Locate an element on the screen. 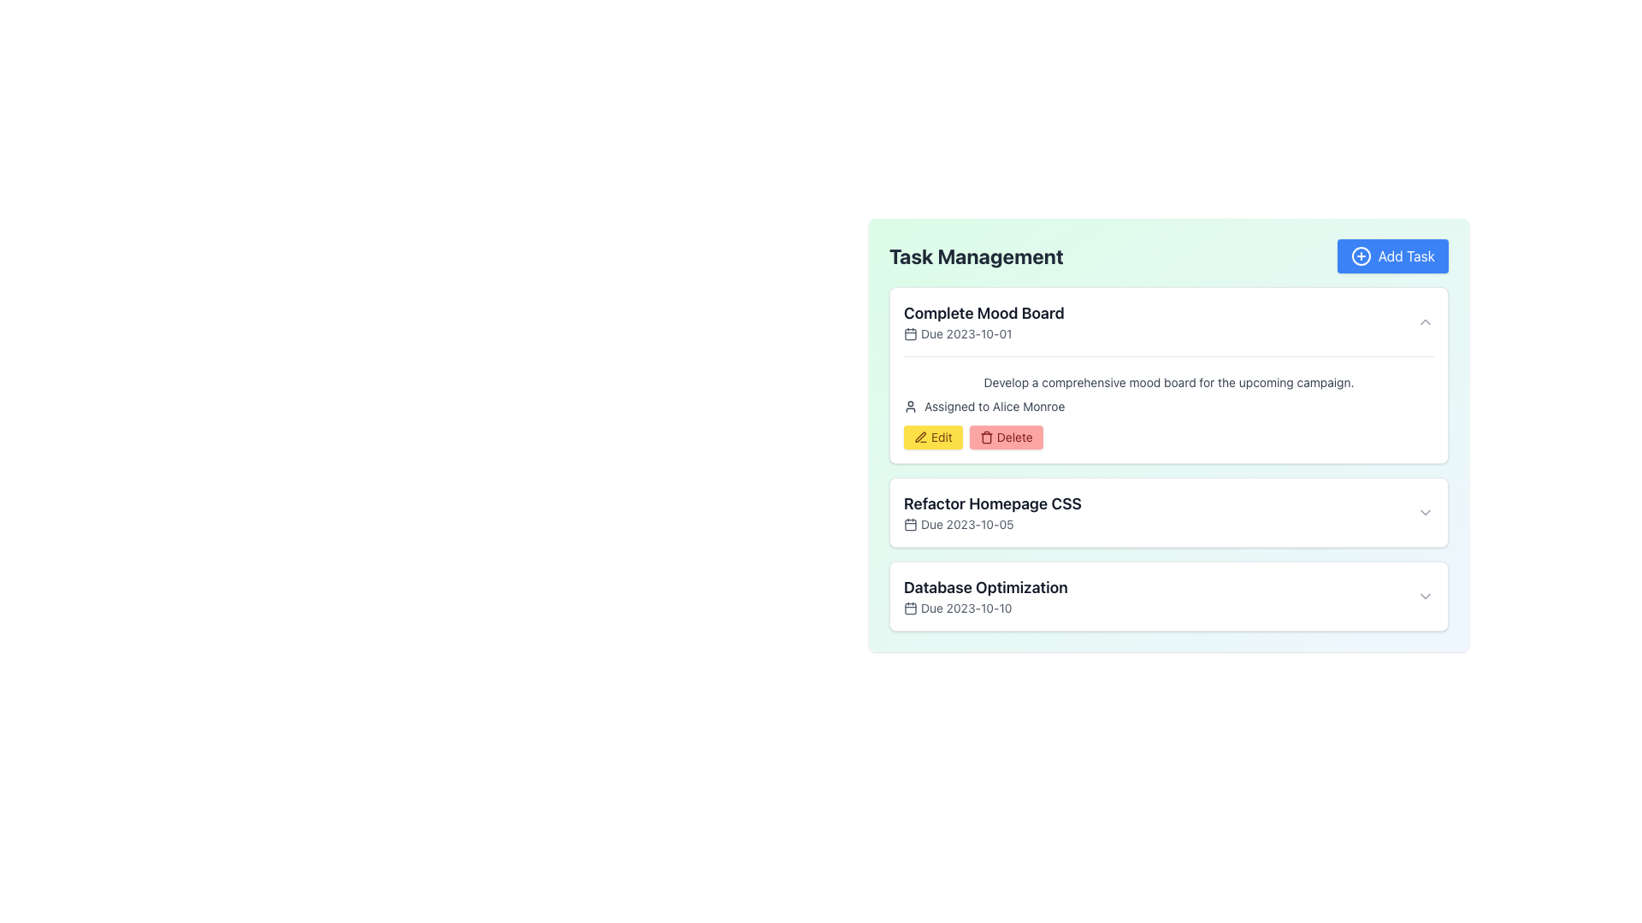 This screenshot has width=1642, height=923. the delete icon located on the left side of the red 'Delete' button in the 'Complete Mood Board' task card is located at coordinates (986, 437).